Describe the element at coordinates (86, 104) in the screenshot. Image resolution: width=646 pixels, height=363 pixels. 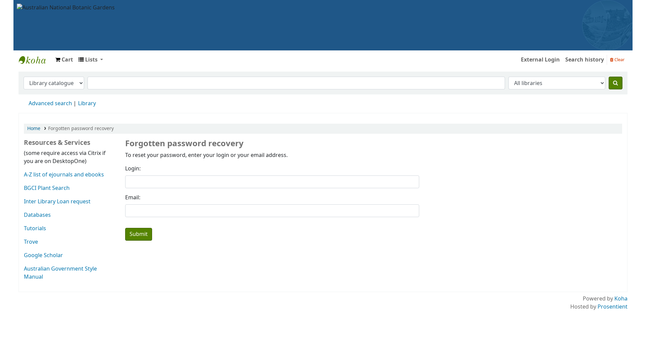
I see `'Library'` at that location.